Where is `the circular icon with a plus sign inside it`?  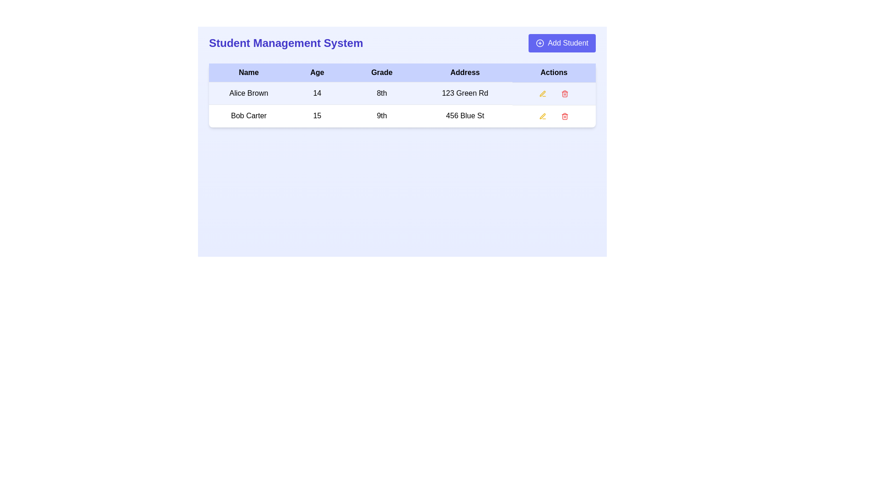 the circular icon with a plus sign inside it is located at coordinates (540, 43).